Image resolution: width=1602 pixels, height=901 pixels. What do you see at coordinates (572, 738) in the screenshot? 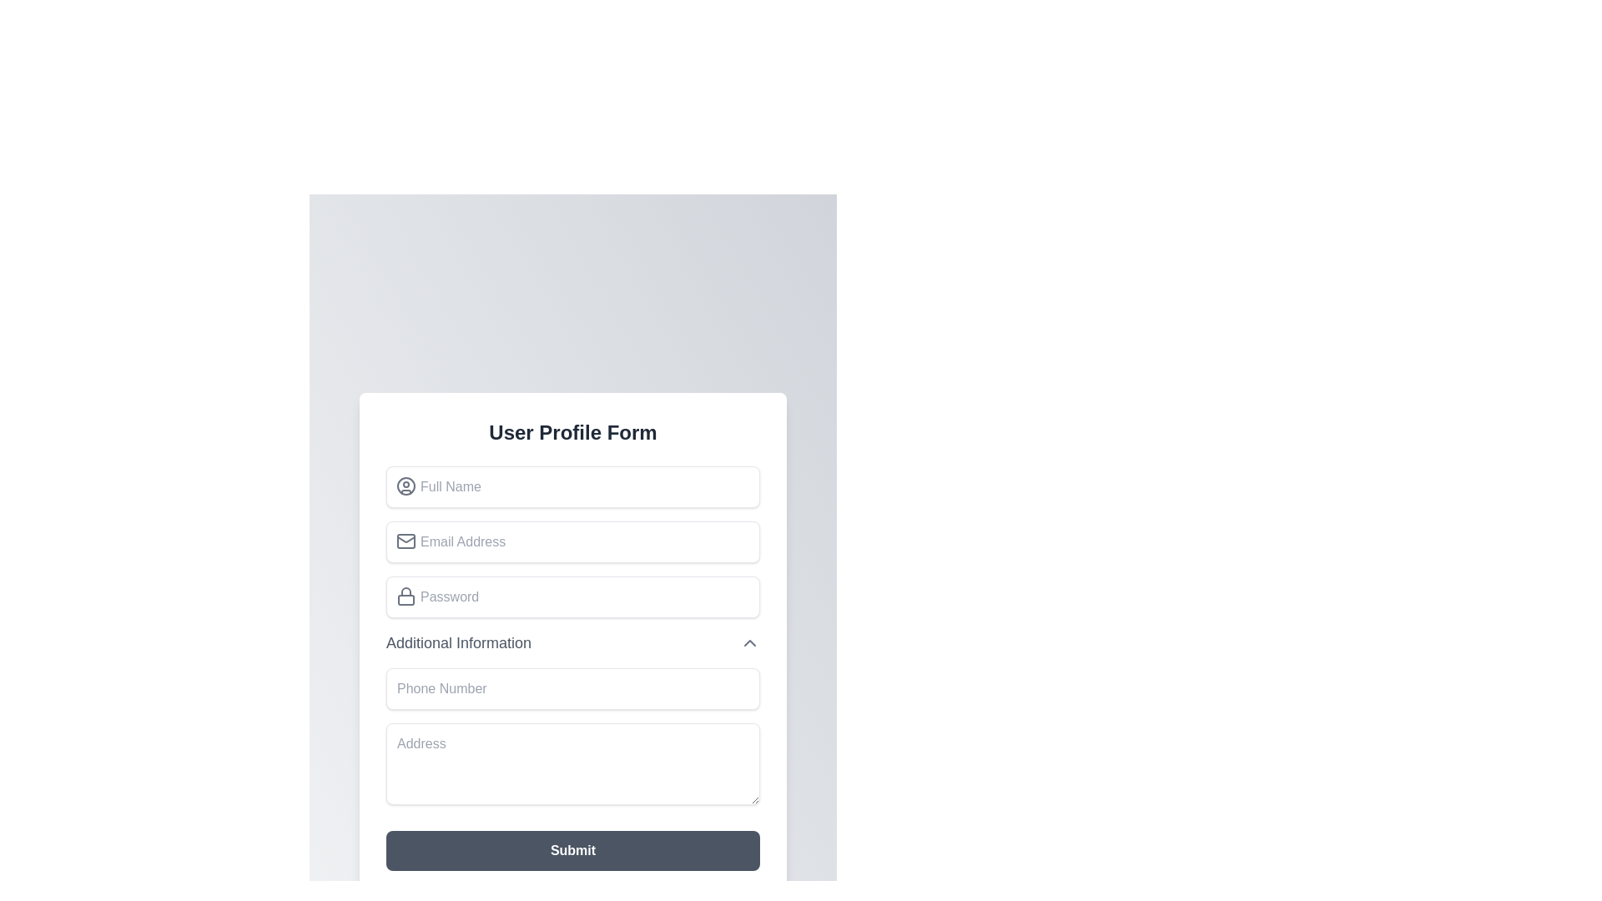
I see `the 'Address' input field to focus on it, which is located under the 'Phone Number' field and above the 'Submit' button in the 'Additional Information' section` at bounding box center [572, 738].